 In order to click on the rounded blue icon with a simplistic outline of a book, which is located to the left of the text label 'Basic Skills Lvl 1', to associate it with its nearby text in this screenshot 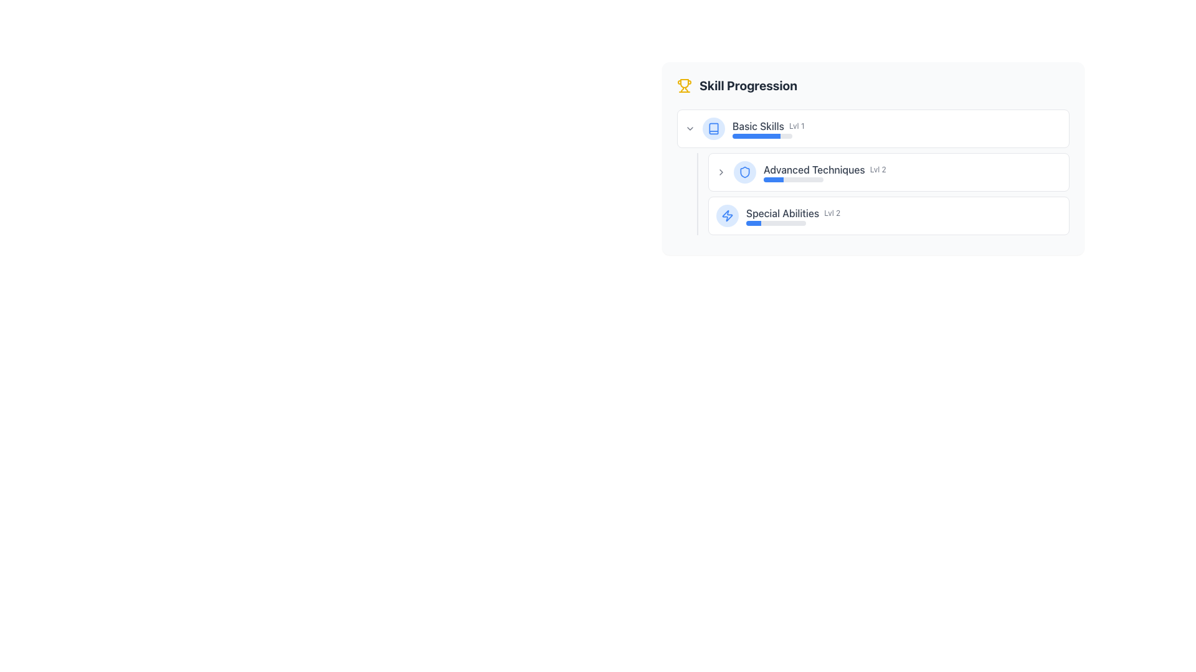, I will do `click(714, 129)`.